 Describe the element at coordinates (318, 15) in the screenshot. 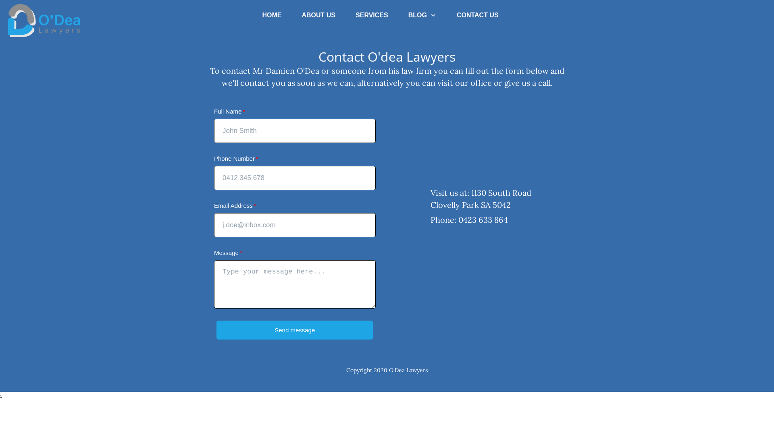

I see `'ABOUT US'` at that location.